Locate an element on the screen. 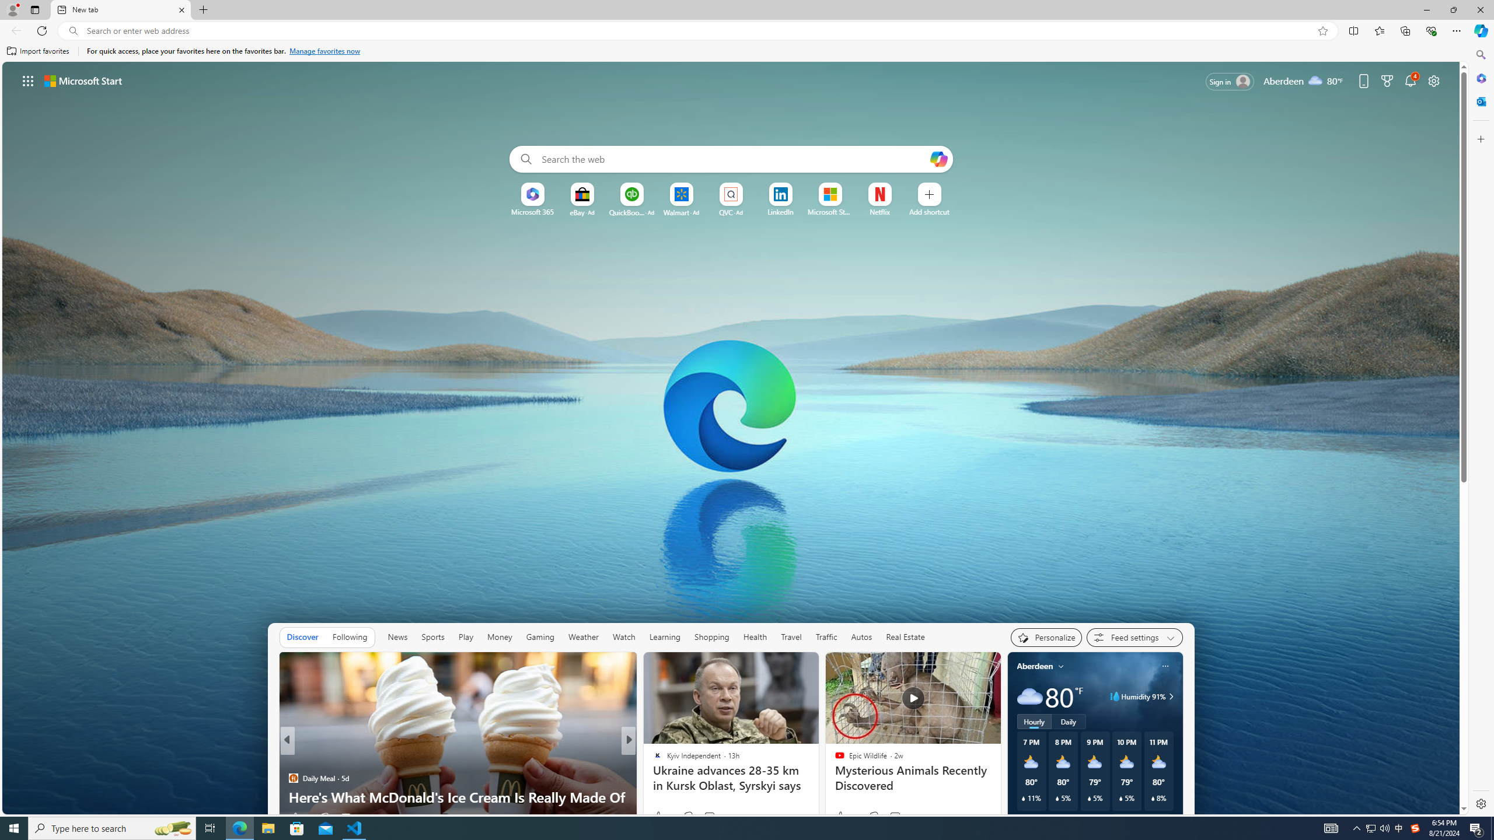 This screenshot has width=1494, height=840. 'Search icon' is located at coordinates (73, 31).